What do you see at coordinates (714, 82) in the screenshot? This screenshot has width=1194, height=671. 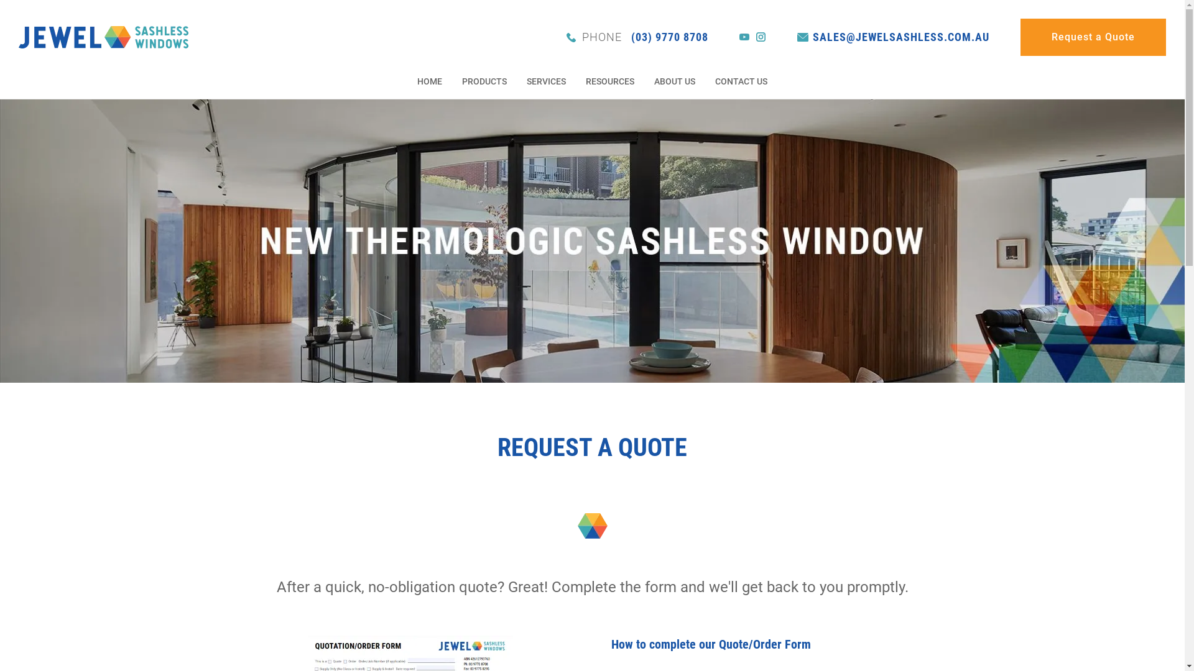 I see `'CONTACT US'` at bounding box center [714, 82].